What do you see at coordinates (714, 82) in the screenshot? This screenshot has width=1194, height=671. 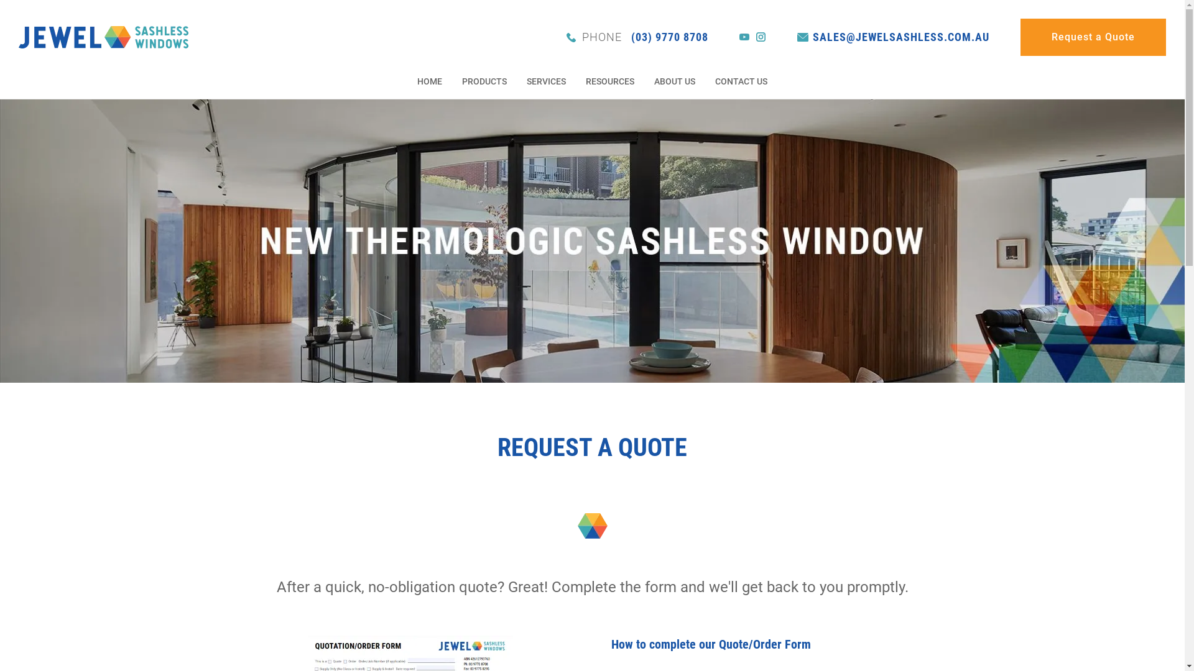 I see `'CONTACT US'` at bounding box center [714, 82].